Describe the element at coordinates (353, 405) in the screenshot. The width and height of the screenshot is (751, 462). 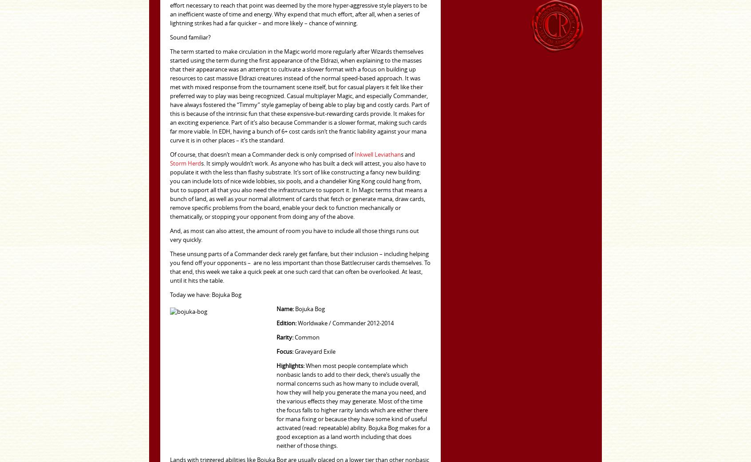
I see `'When most people contemplate which nonbasic lands to add to their deck, there’s usually the normal concerns such as how many to include overall, how they will help you generate the mana you need, and the various effects they may generate. Most of the time the focus falls to higher rarity lands which are either there for mana fixing or because they have some kind of useful activated (read: repeatable) ability. Bojuka Bog makes for a good exception as a land worth including that does neither of those things.'` at that location.